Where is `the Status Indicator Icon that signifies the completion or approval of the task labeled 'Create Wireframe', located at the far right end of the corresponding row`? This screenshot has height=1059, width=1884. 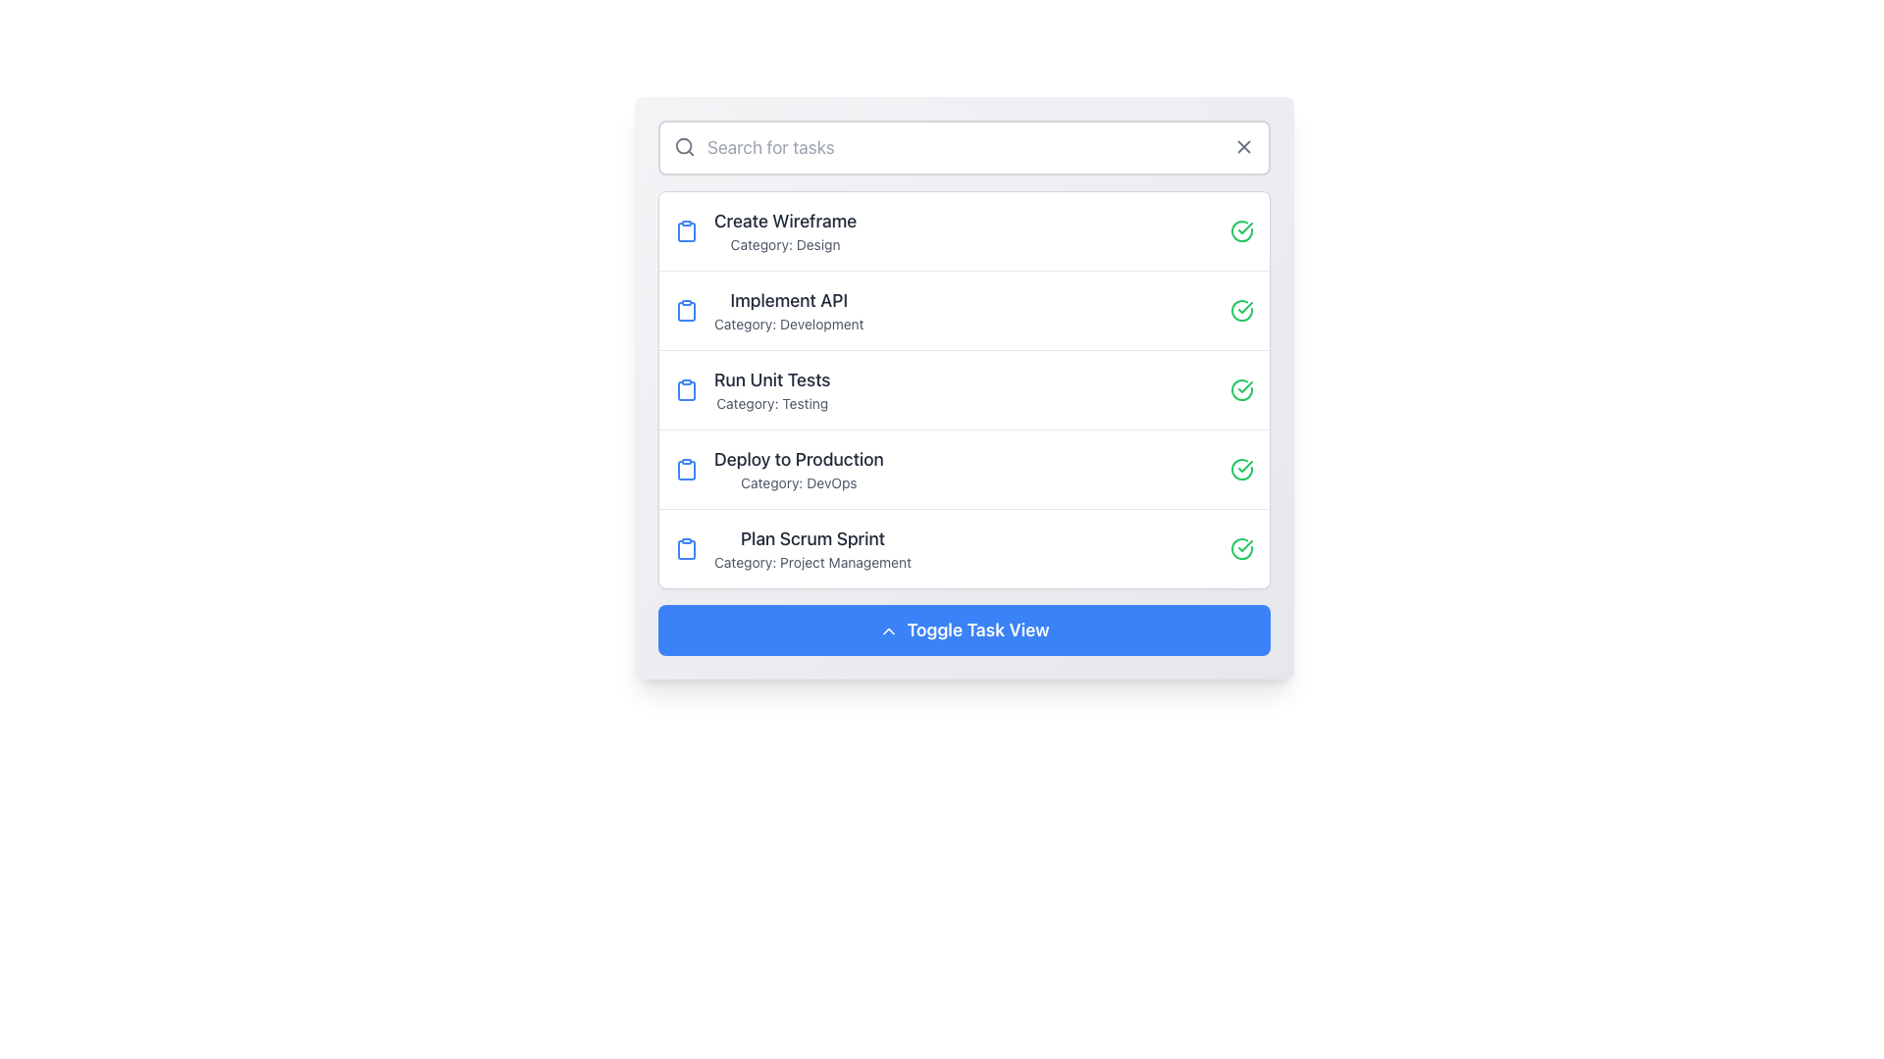
the Status Indicator Icon that signifies the completion or approval of the task labeled 'Create Wireframe', located at the far right end of the corresponding row is located at coordinates (1241, 229).